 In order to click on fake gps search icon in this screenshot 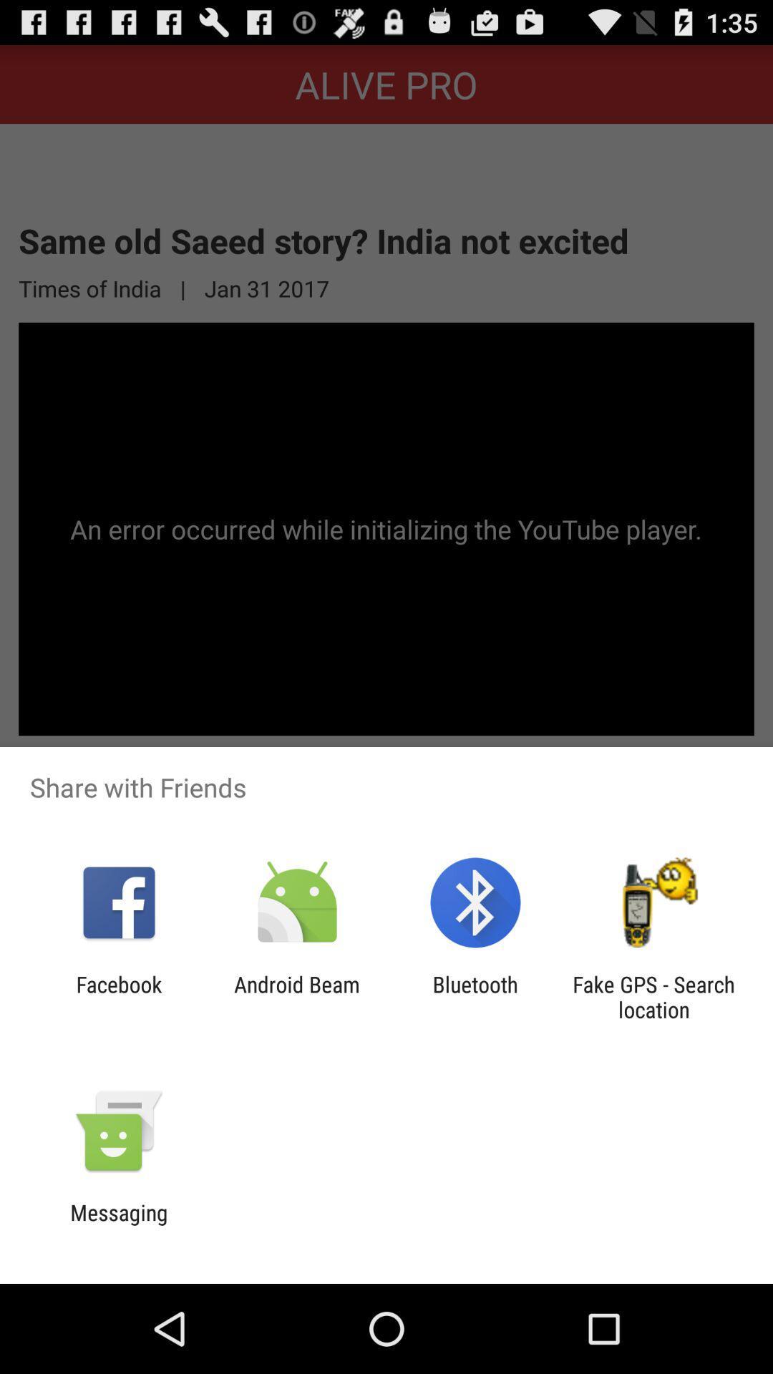, I will do `click(653, 996)`.